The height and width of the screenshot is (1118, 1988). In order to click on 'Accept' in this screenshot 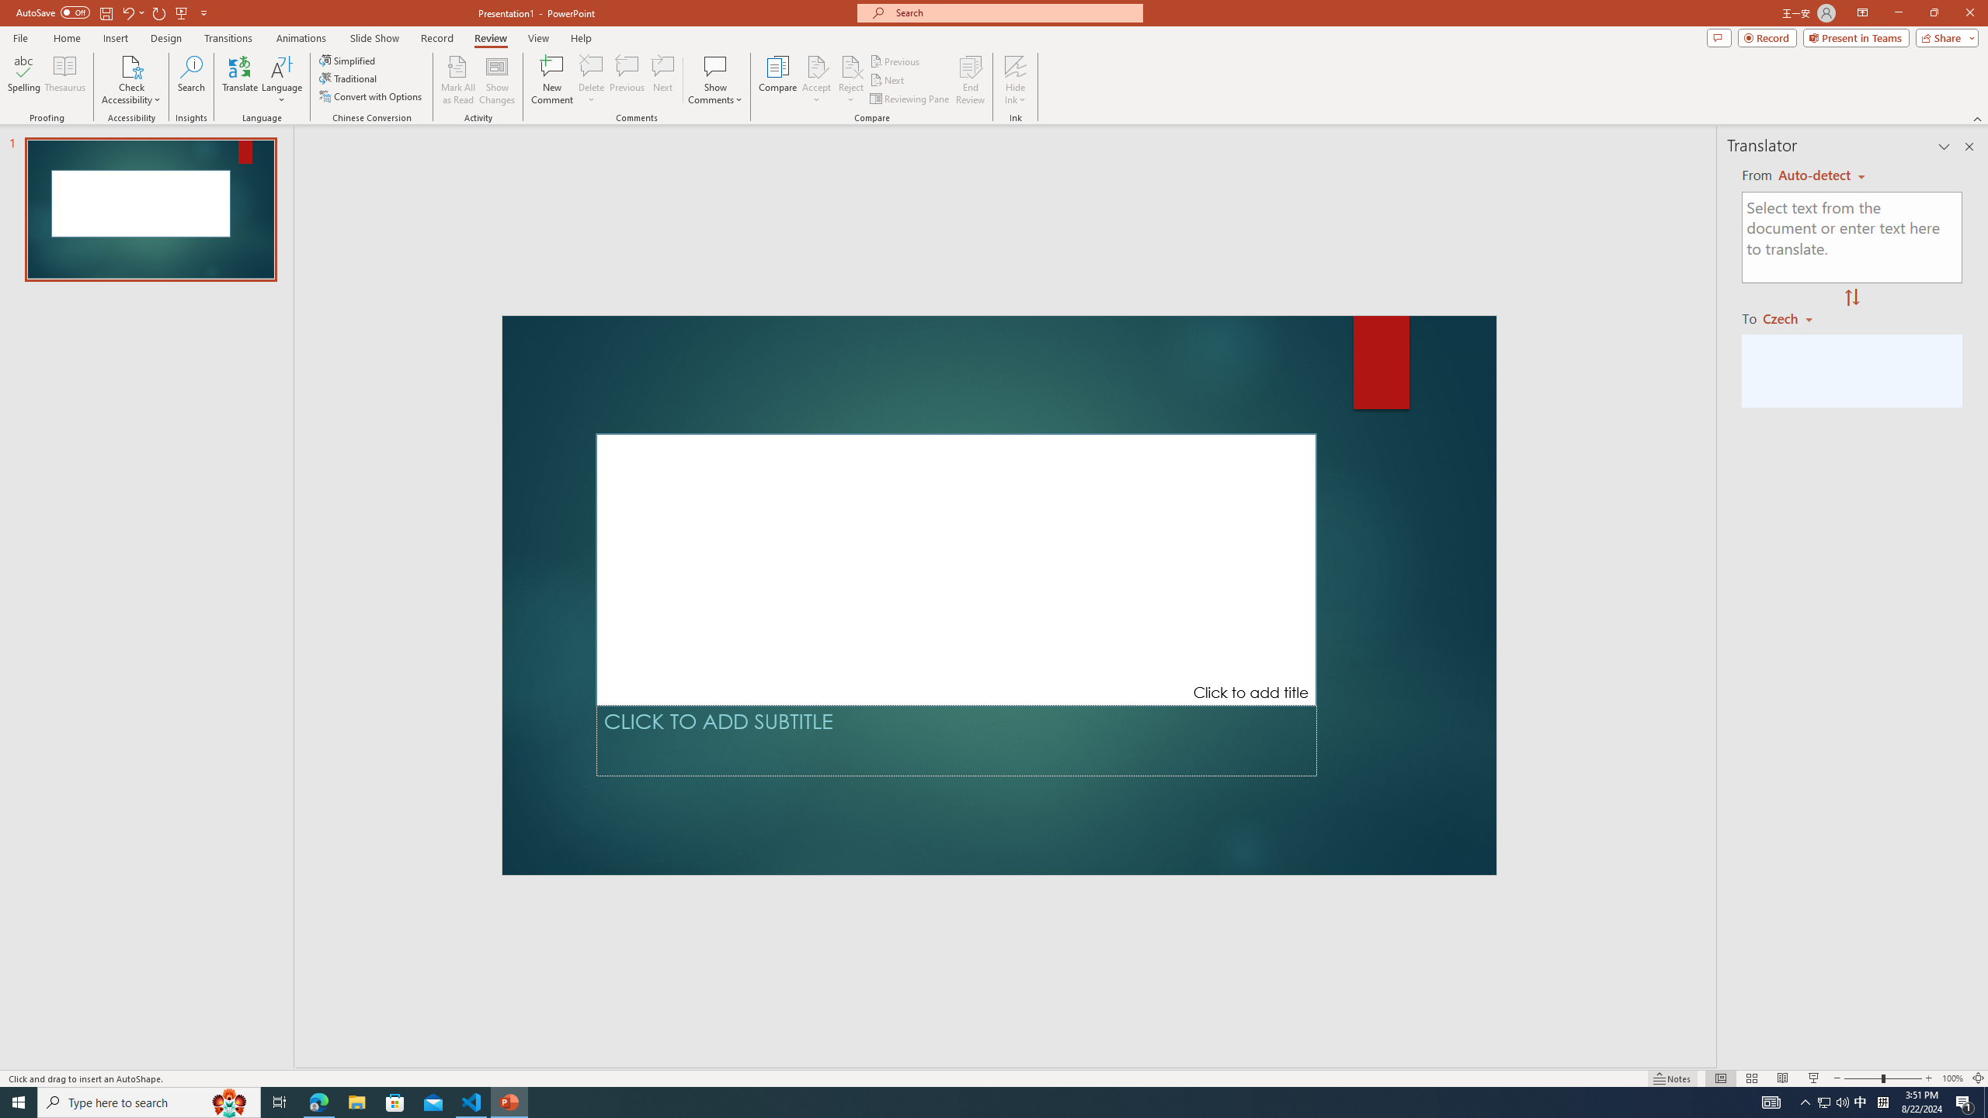, I will do `click(816, 80)`.